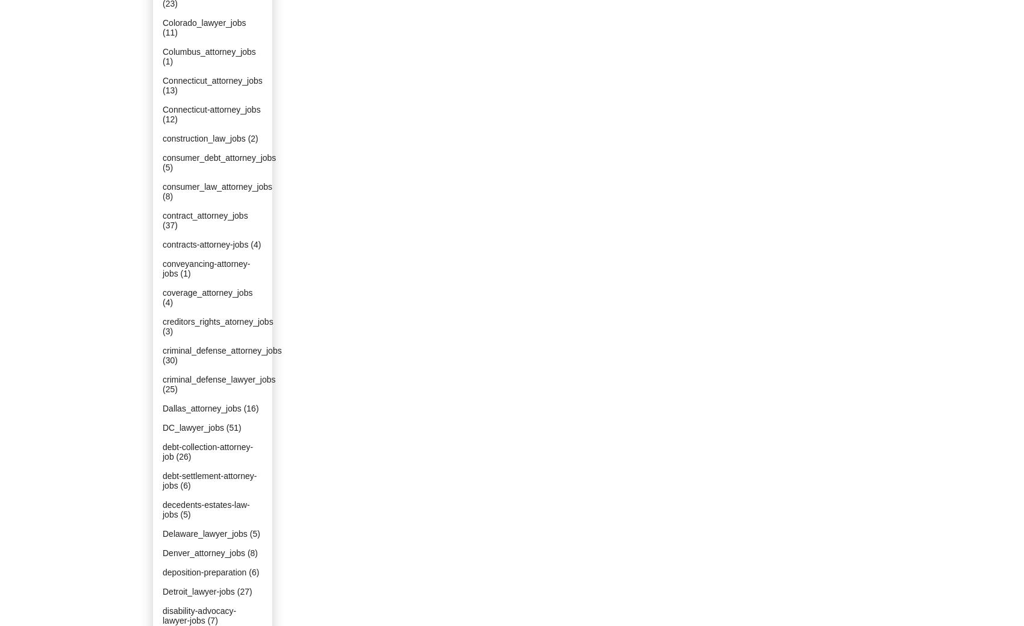 The image size is (1024, 626). I want to click on '(30)', so click(170, 360).